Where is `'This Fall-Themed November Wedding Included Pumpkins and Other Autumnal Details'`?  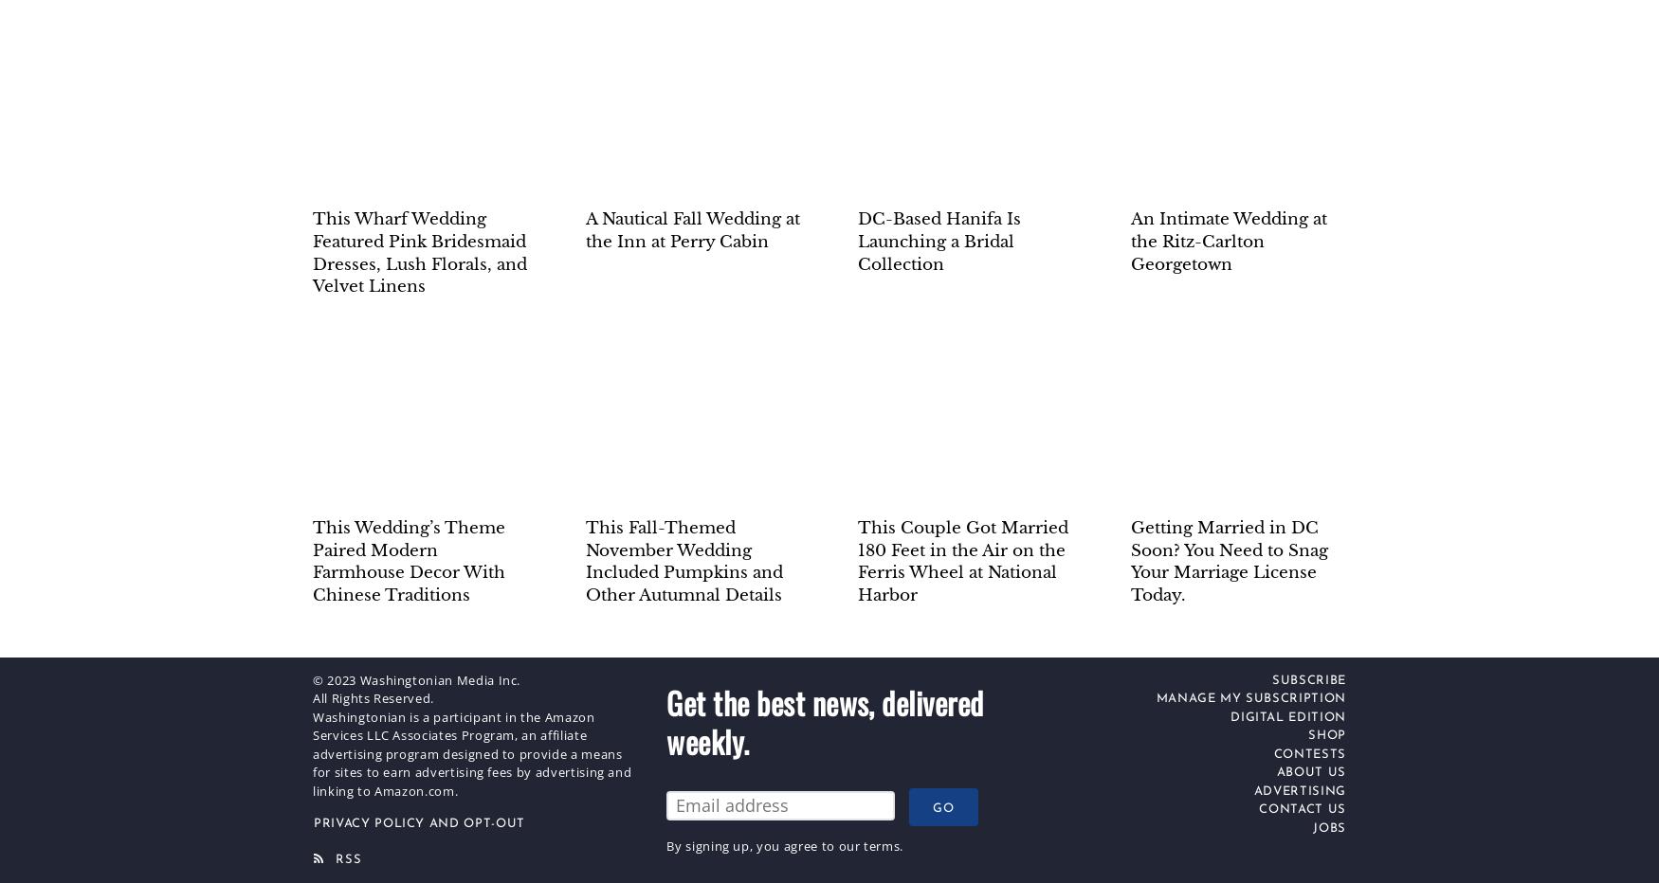 'This Fall-Themed November Wedding Included Pumpkins and Other Autumnal Details' is located at coordinates (684, 560).